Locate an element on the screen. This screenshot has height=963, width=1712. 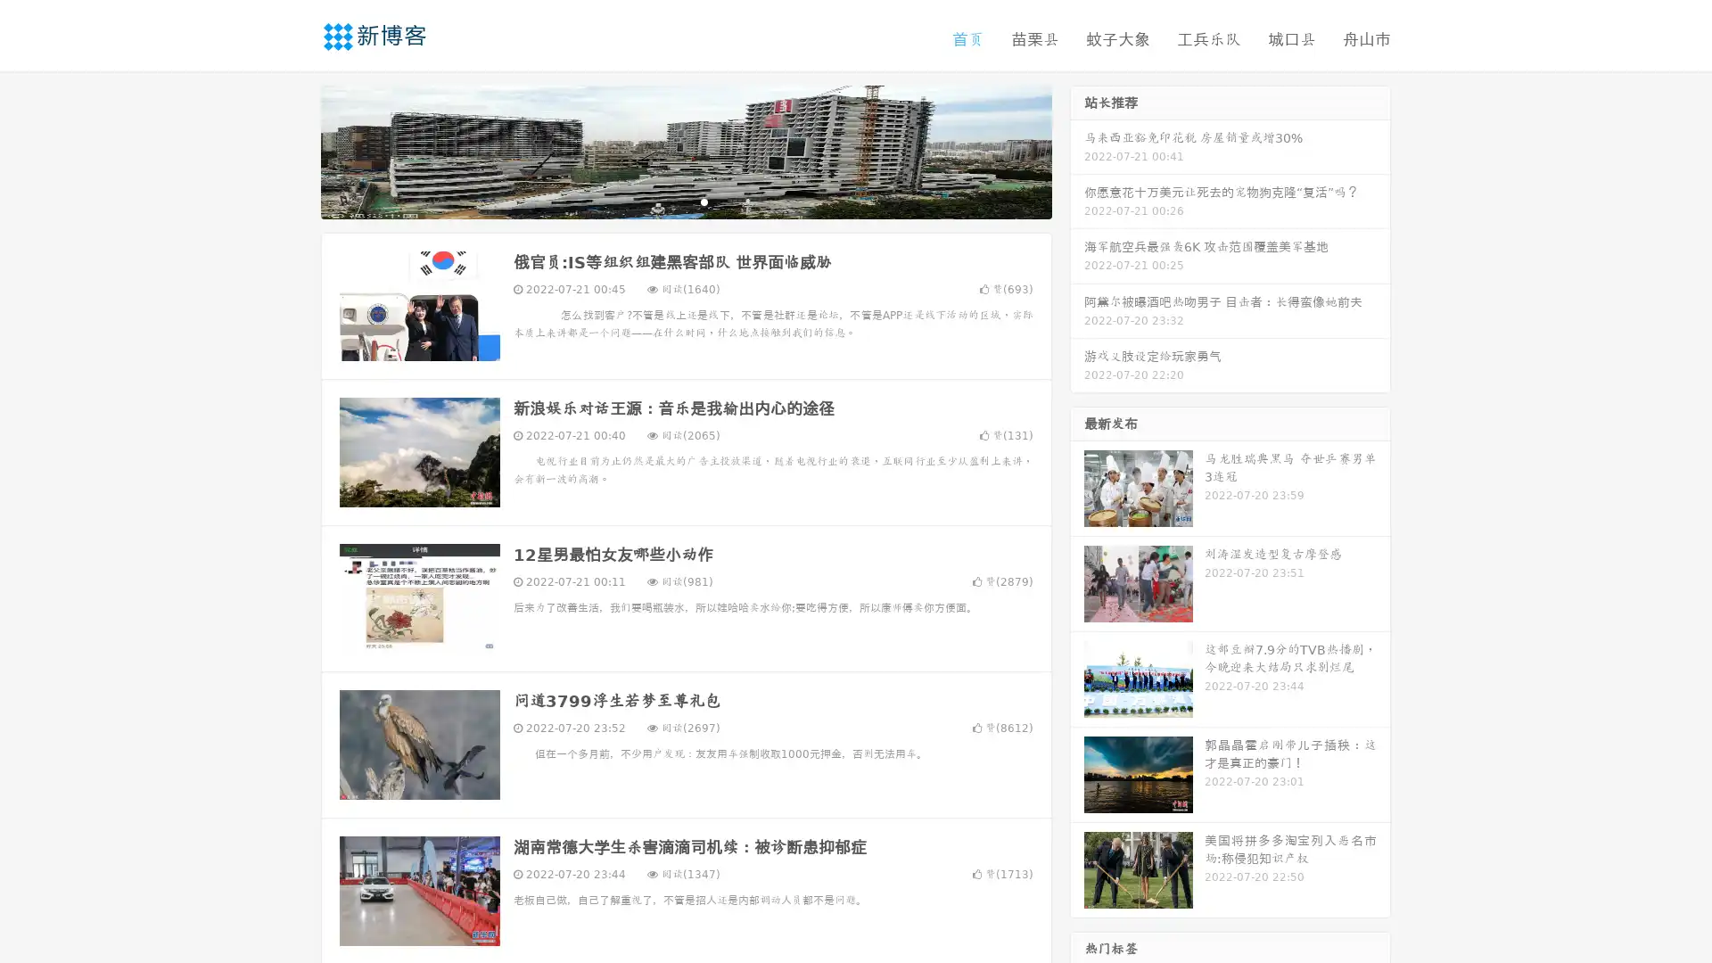
Next slide is located at coordinates (1077, 150).